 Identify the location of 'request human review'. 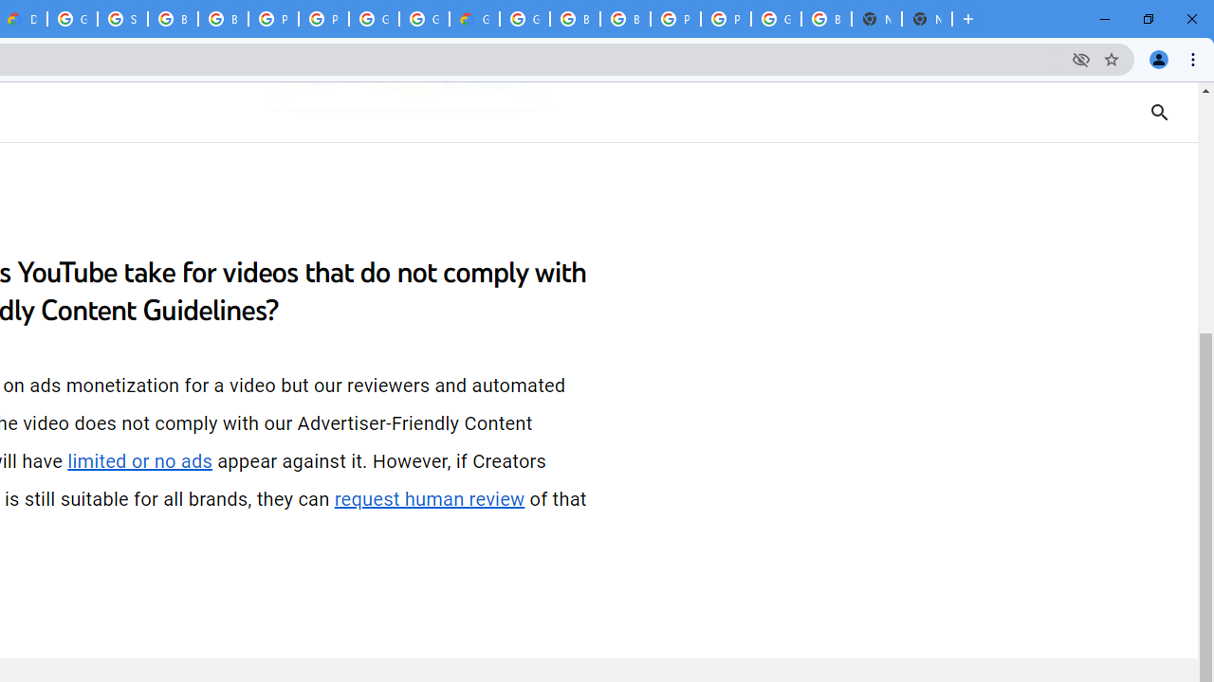
(429, 498).